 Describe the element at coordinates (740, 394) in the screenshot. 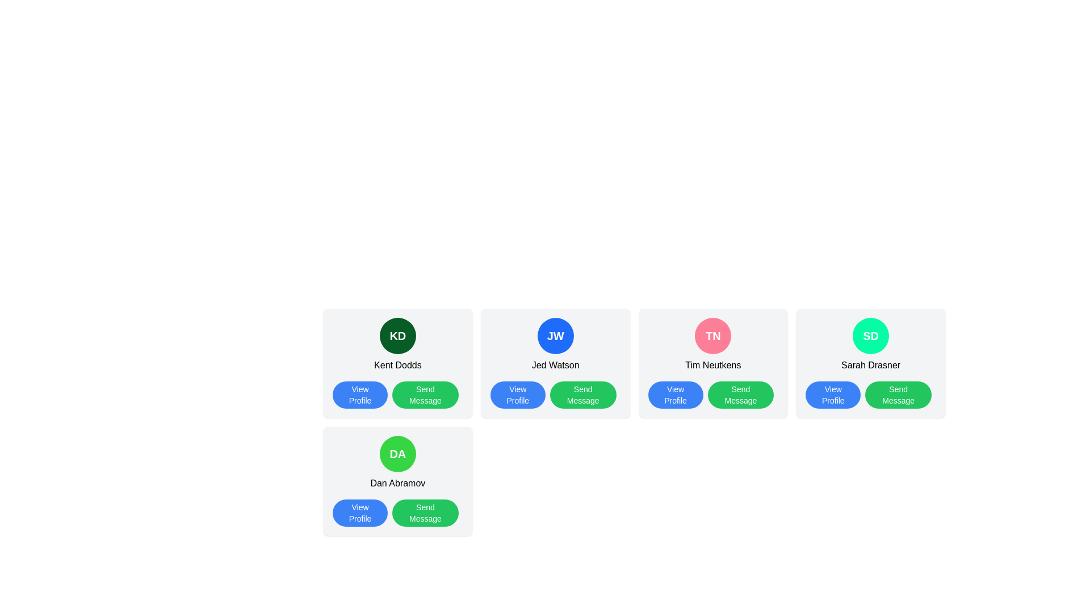

I see `the green button labeled 'Send Message' located in the bottom-right corner of the card for 'Tim Neutkens' to initiate messaging` at that location.